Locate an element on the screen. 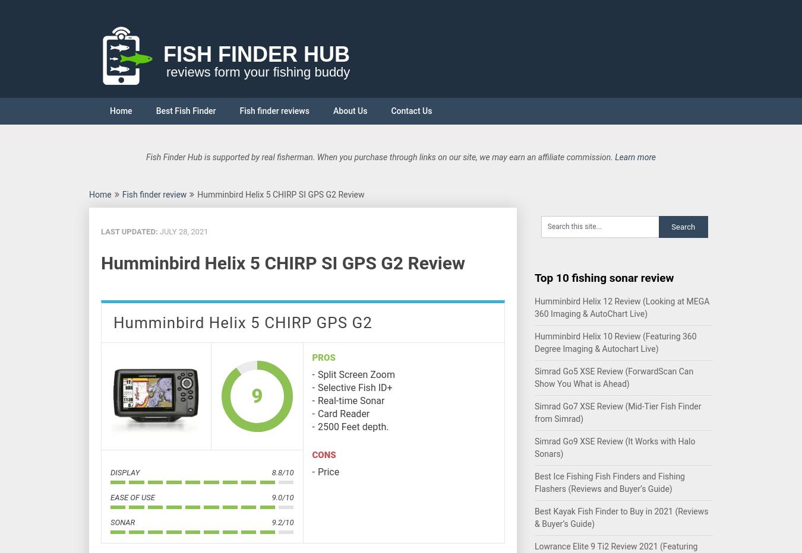 Image resolution: width=802 pixels, height=553 pixels. 'Fish Finder Hub' is located at coordinates (257, 53).